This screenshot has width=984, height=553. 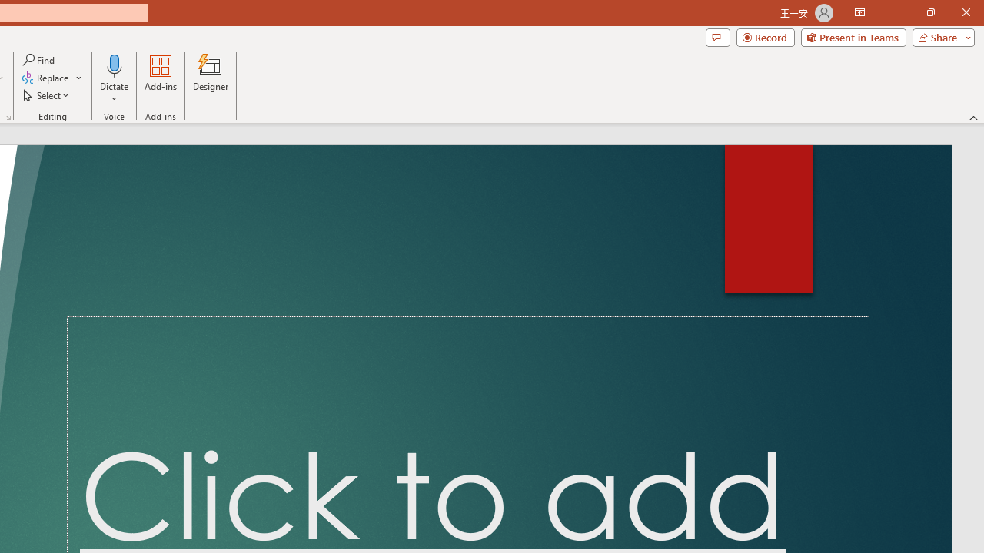 What do you see at coordinates (39, 59) in the screenshot?
I see `'Find...'` at bounding box center [39, 59].